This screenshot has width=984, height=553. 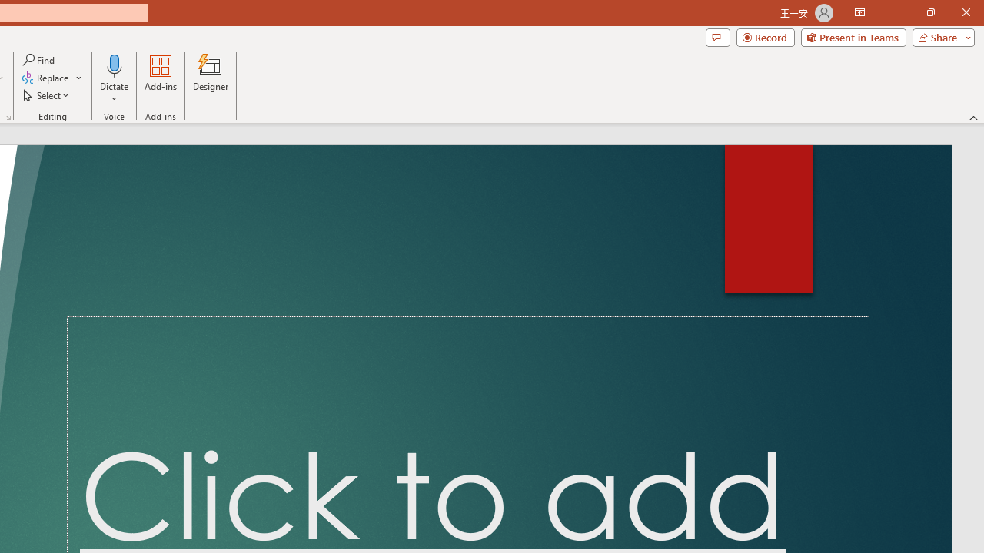 What do you see at coordinates (39, 59) in the screenshot?
I see `'Find...'` at bounding box center [39, 59].